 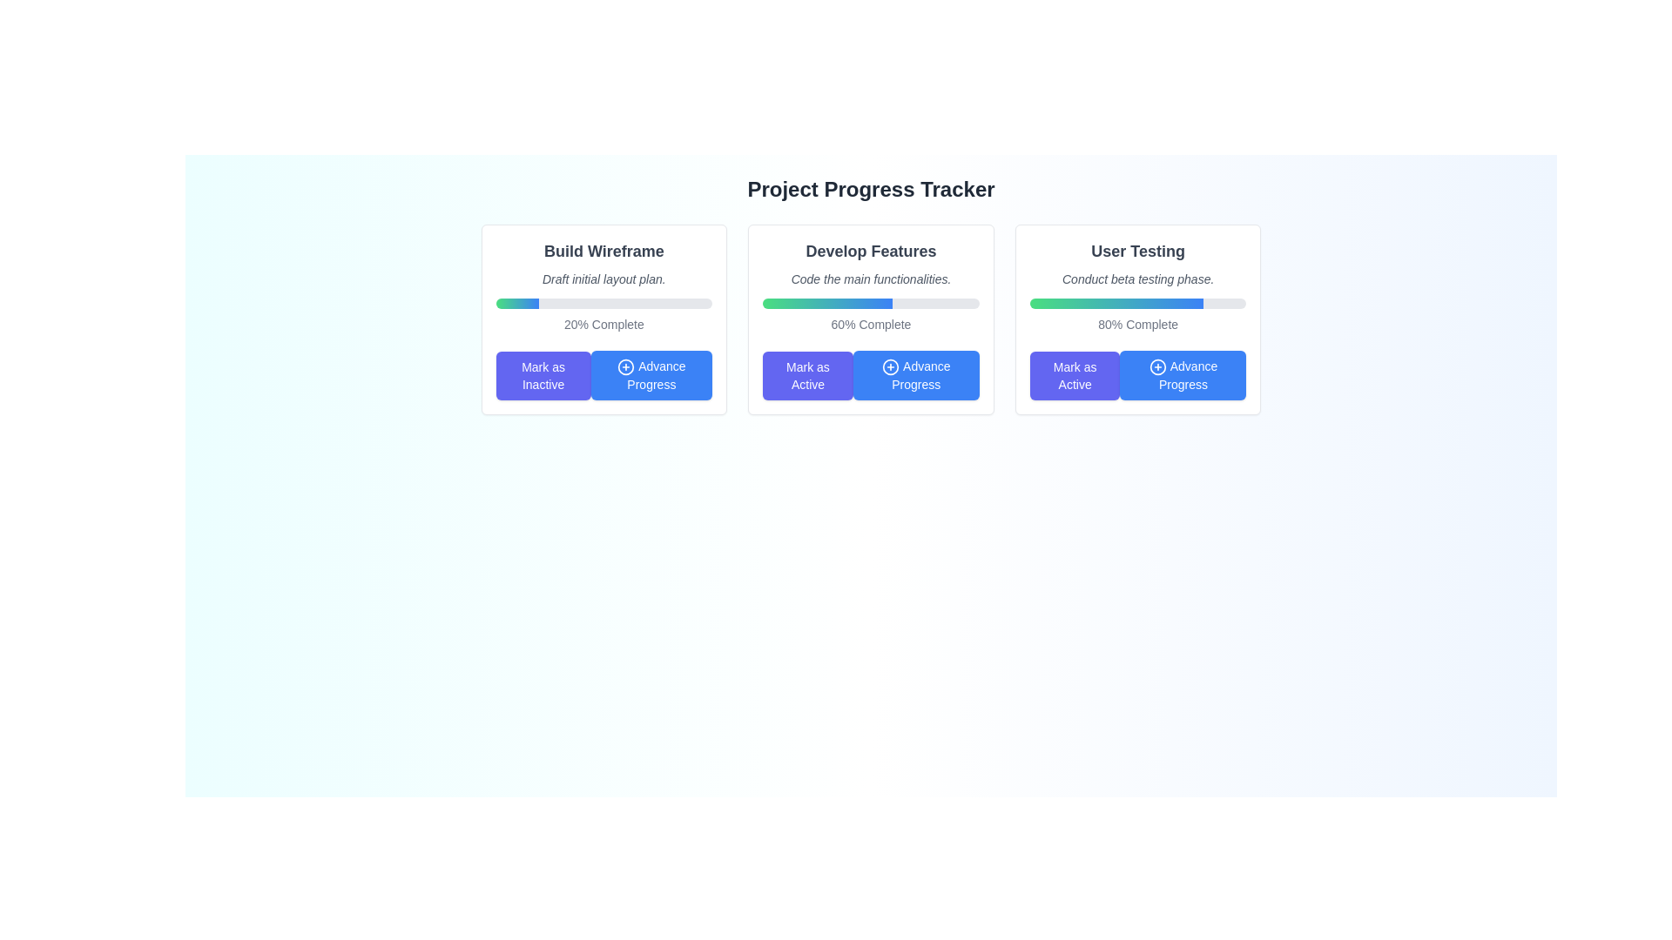 I want to click on the horizontal progress bar with a rounded design, which is centrally located within the 'Build Wireframe' card, just below the descriptive text and above the '20% Complete' label, so click(x=603, y=302).